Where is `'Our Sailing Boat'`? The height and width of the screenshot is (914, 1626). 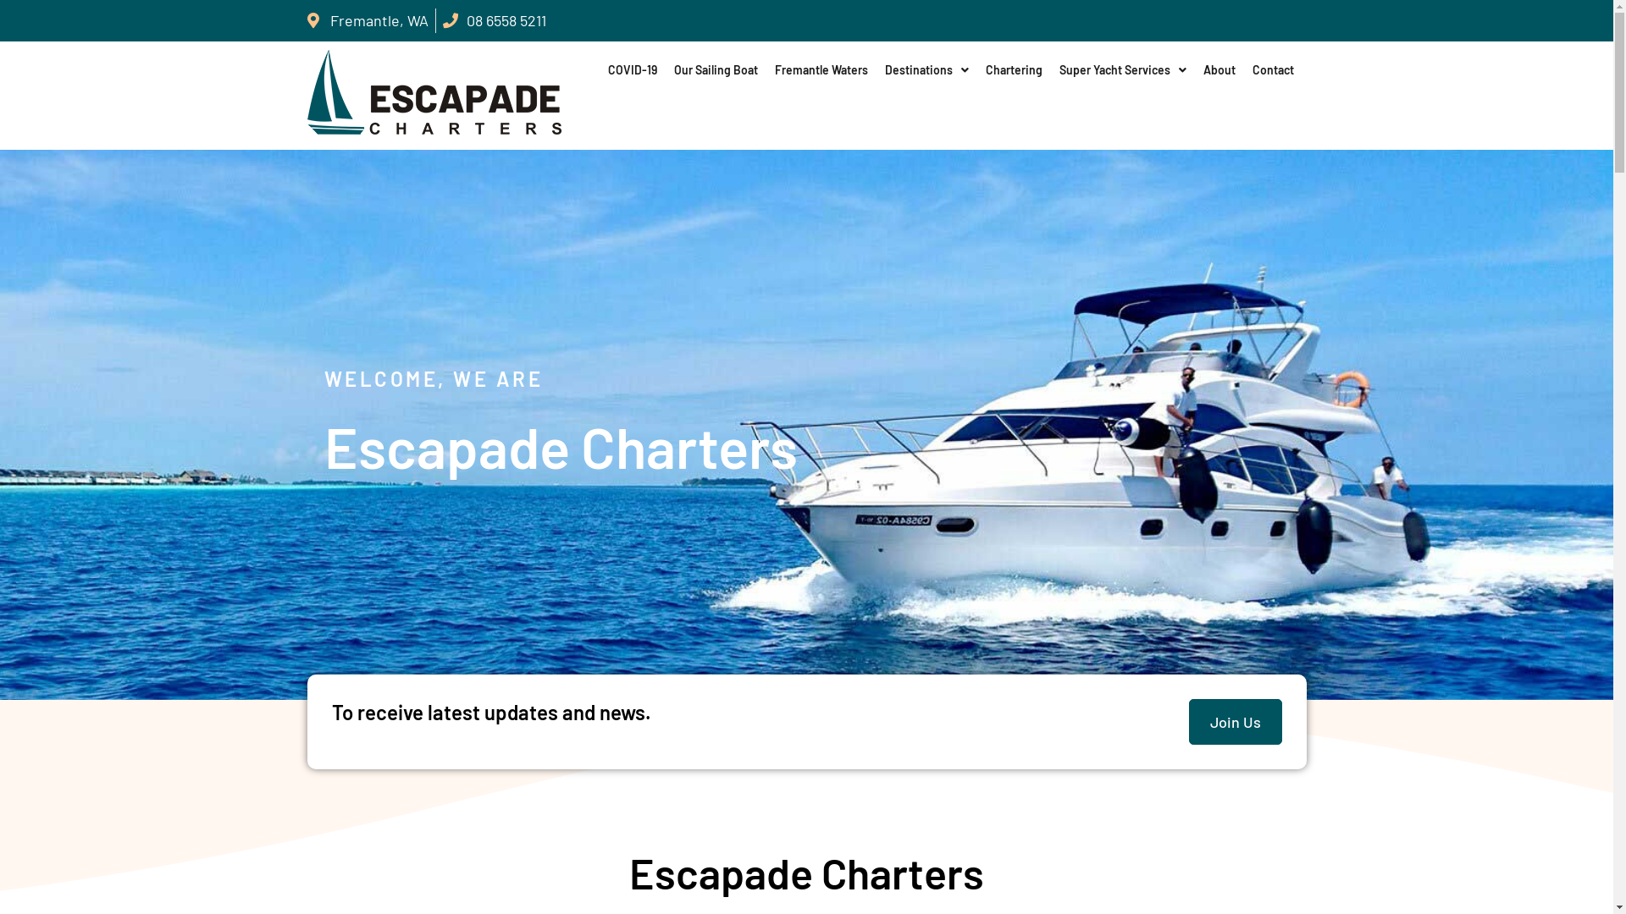 'Our Sailing Boat' is located at coordinates (716, 69).